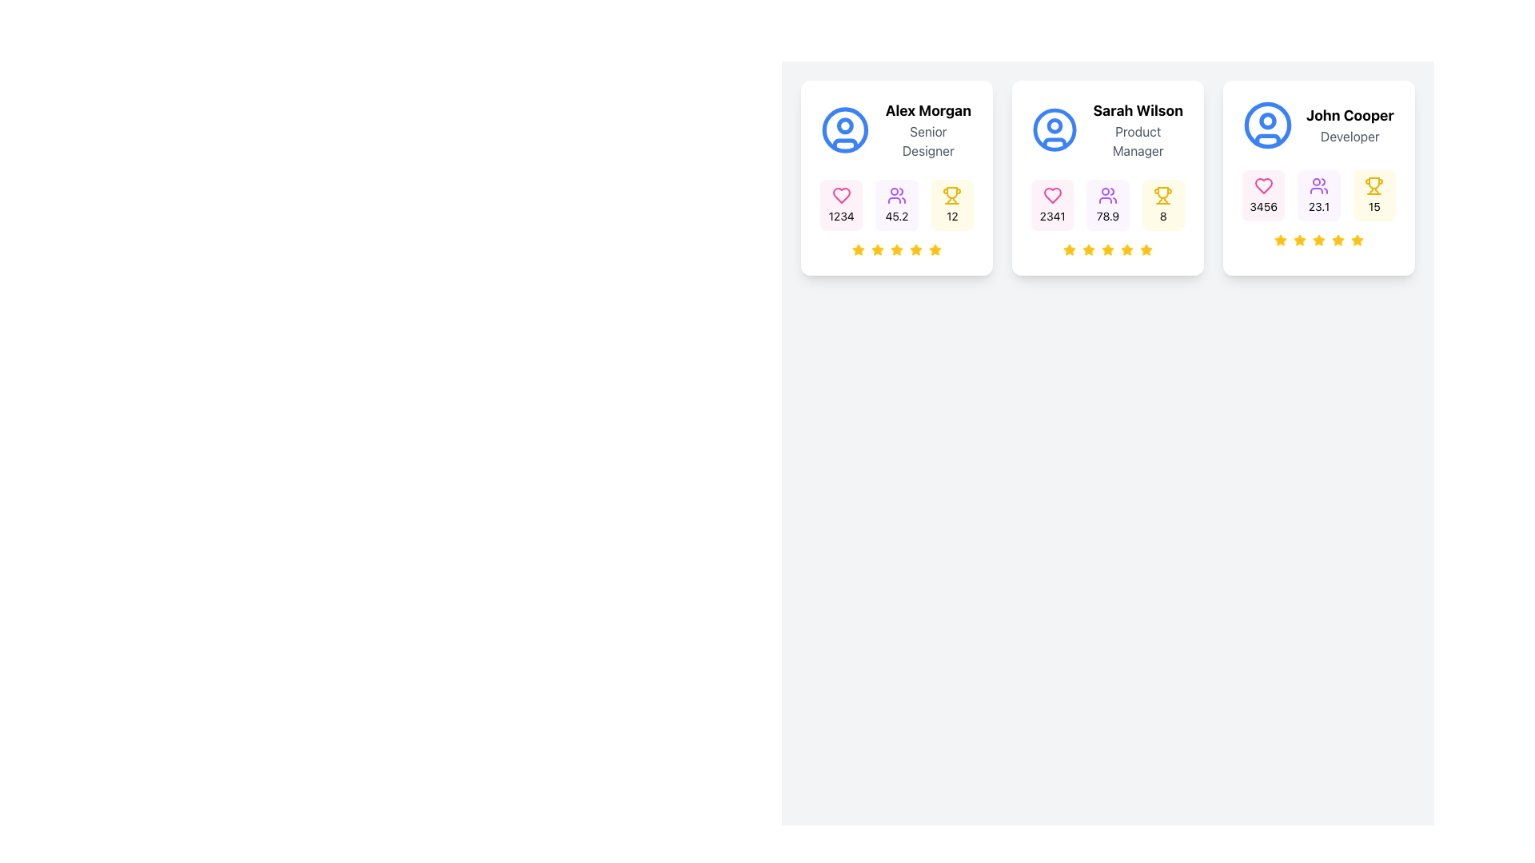  What do you see at coordinates (897, 195) in the screenshot?
I see `the engagement metric icon located in the card element below the profile graphic of 'Alex Morgan' and above the numerical label '45.2'` at bounding box center [897, 195].